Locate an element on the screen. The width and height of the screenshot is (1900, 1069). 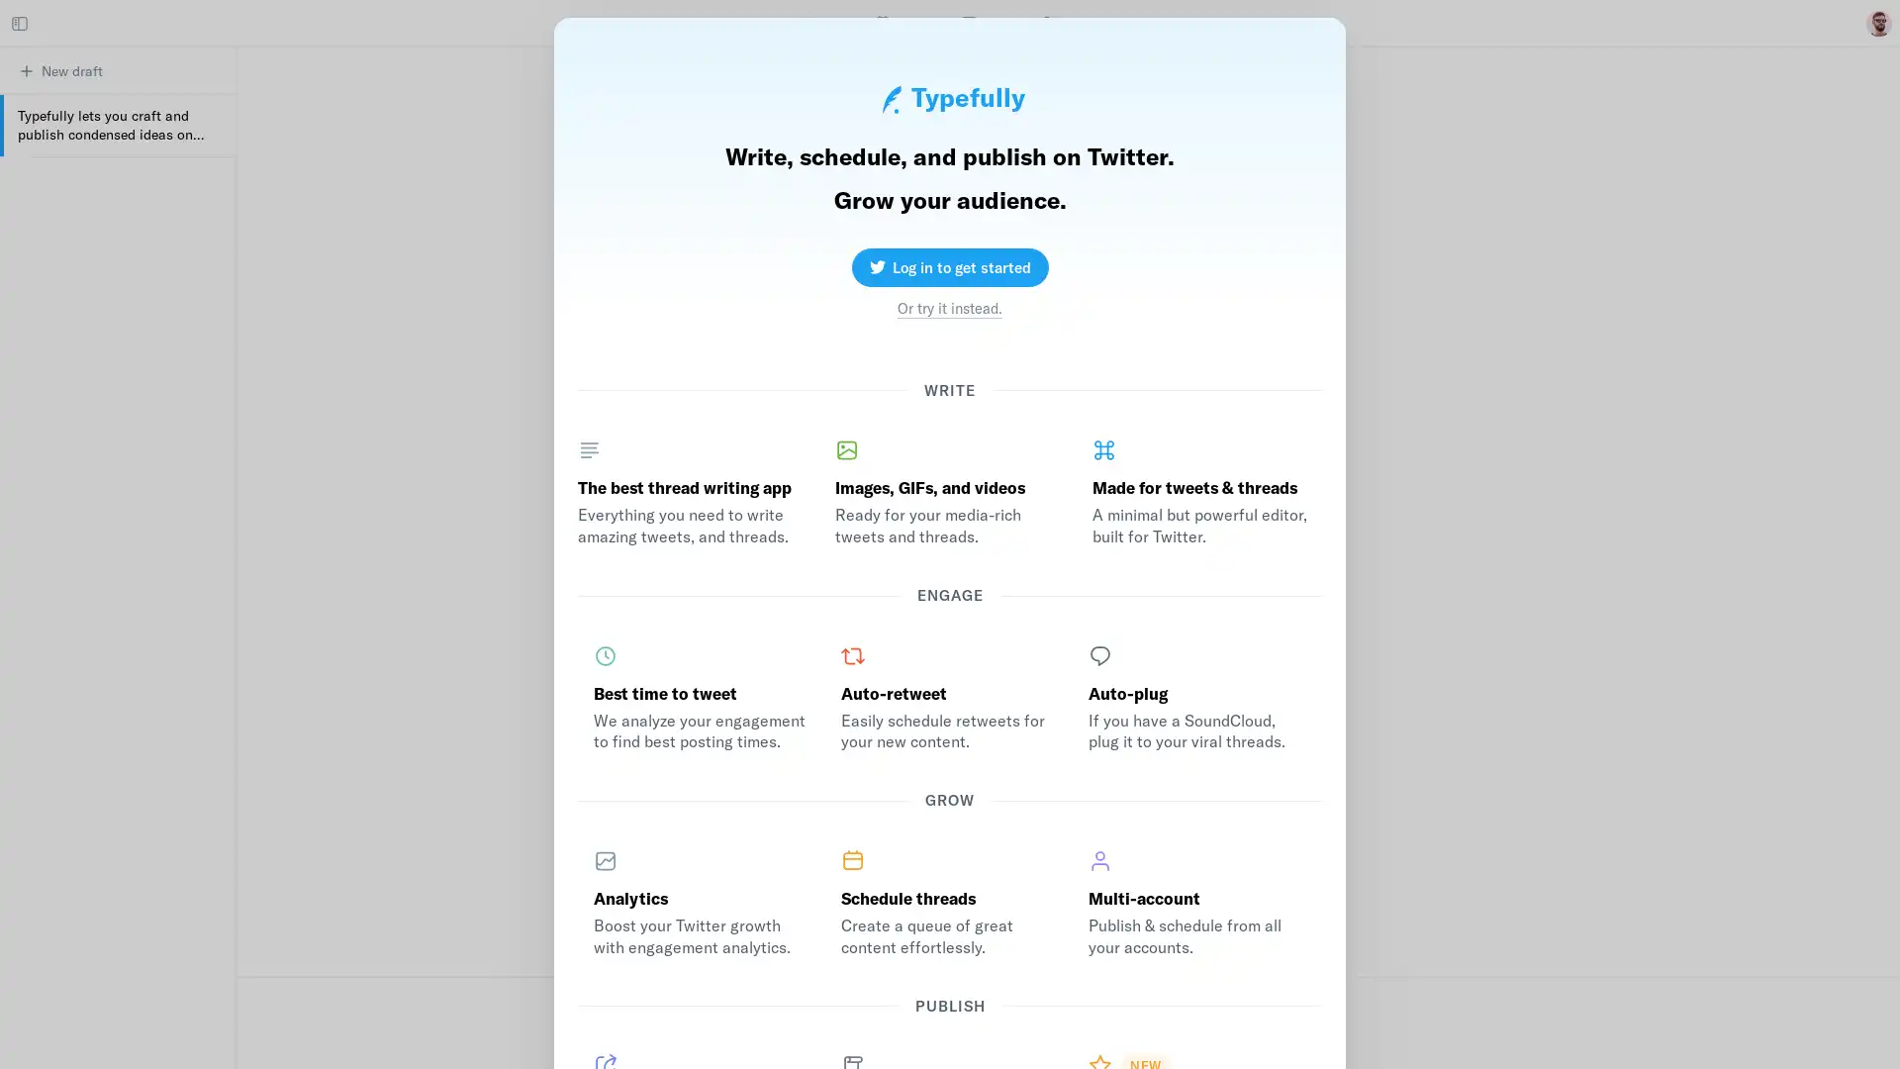
Tweet is located at coordinates (1201, 1037).